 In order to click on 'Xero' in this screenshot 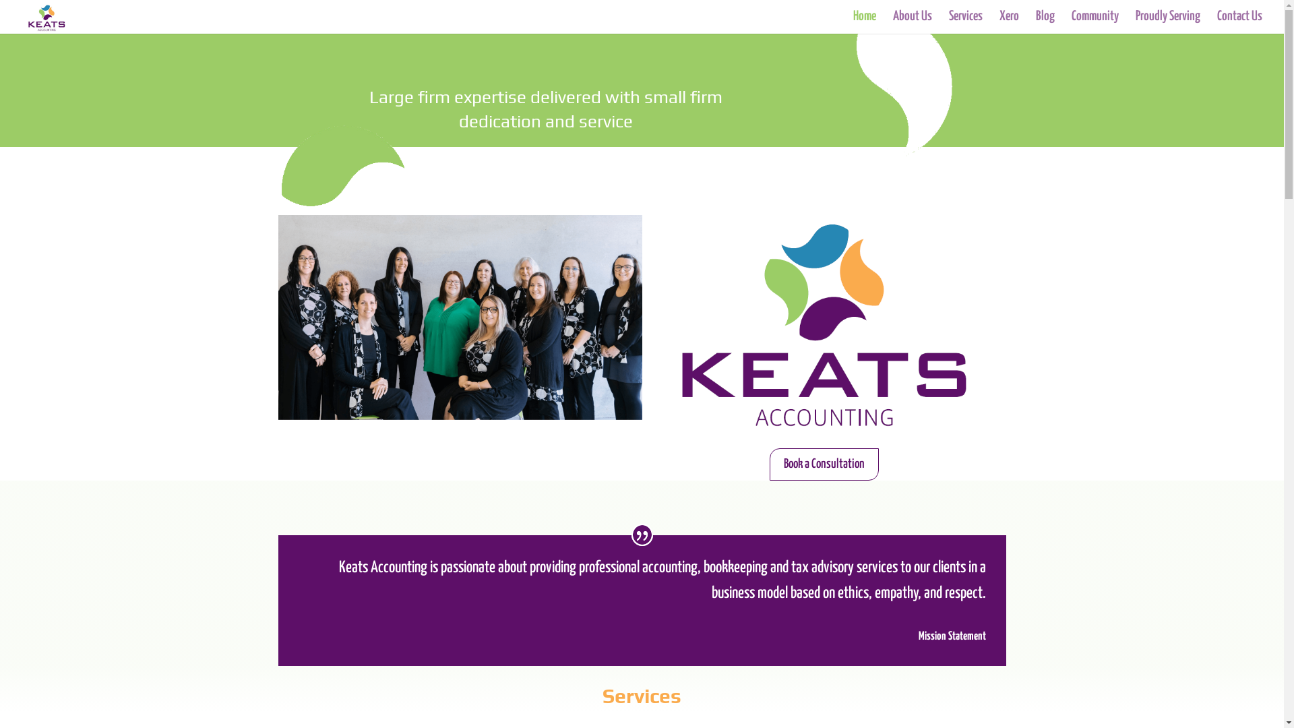, I will do `click(1009, 23)`.